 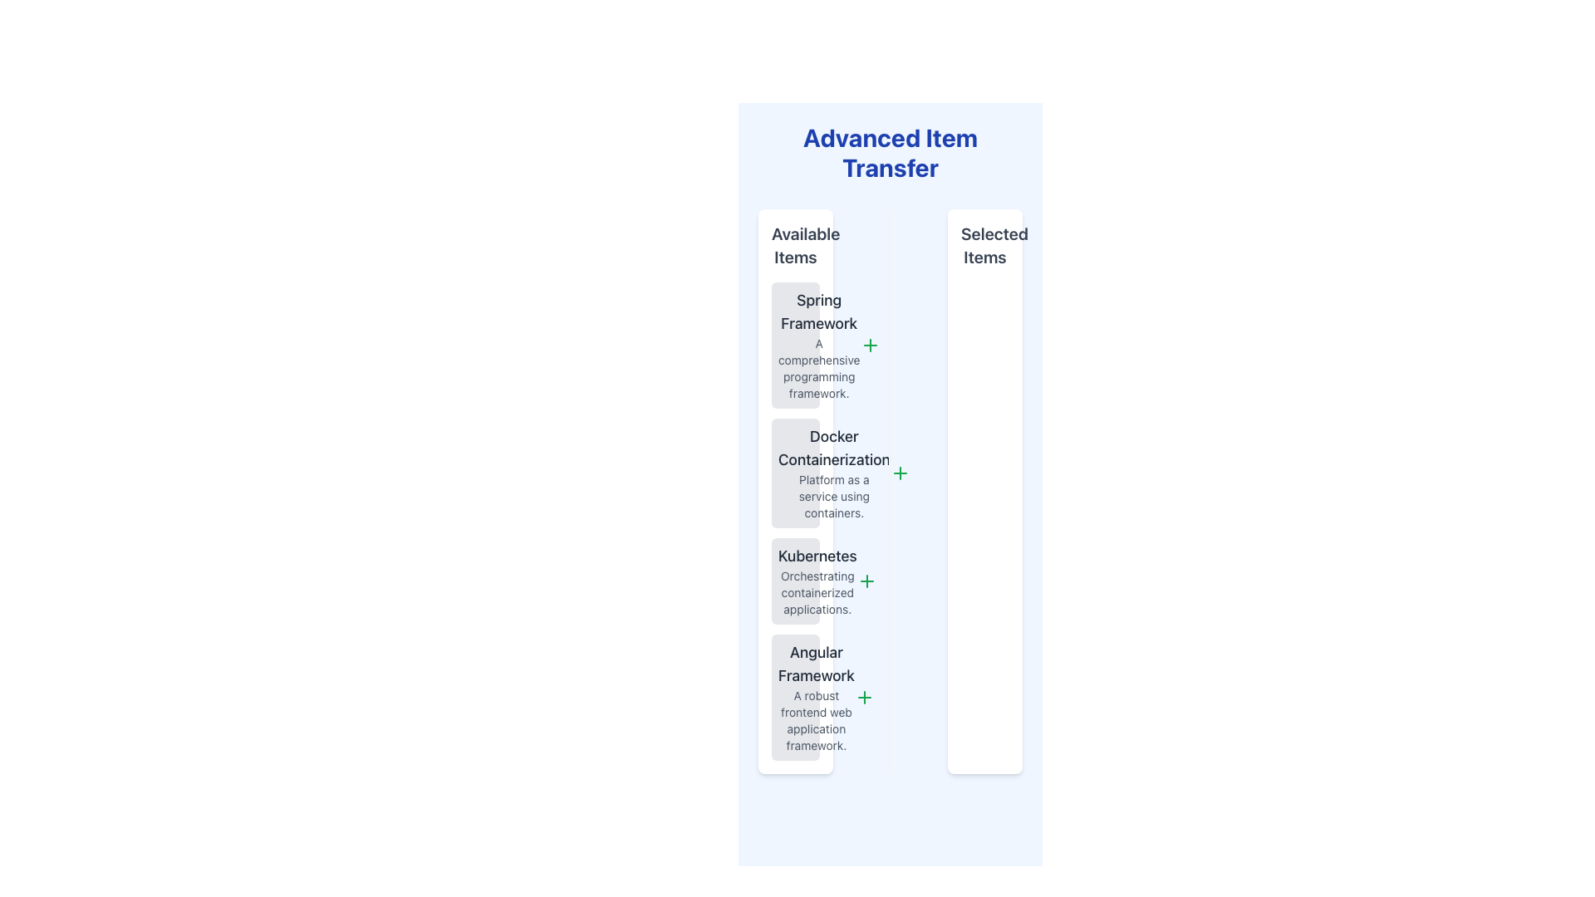 I want to click on to select the second item in the 'Available Items' list, which provides information about 'Docker Containerization', located beneath 'Spring Framework' and above 'Kubernetes', so click(x=795, y=473).